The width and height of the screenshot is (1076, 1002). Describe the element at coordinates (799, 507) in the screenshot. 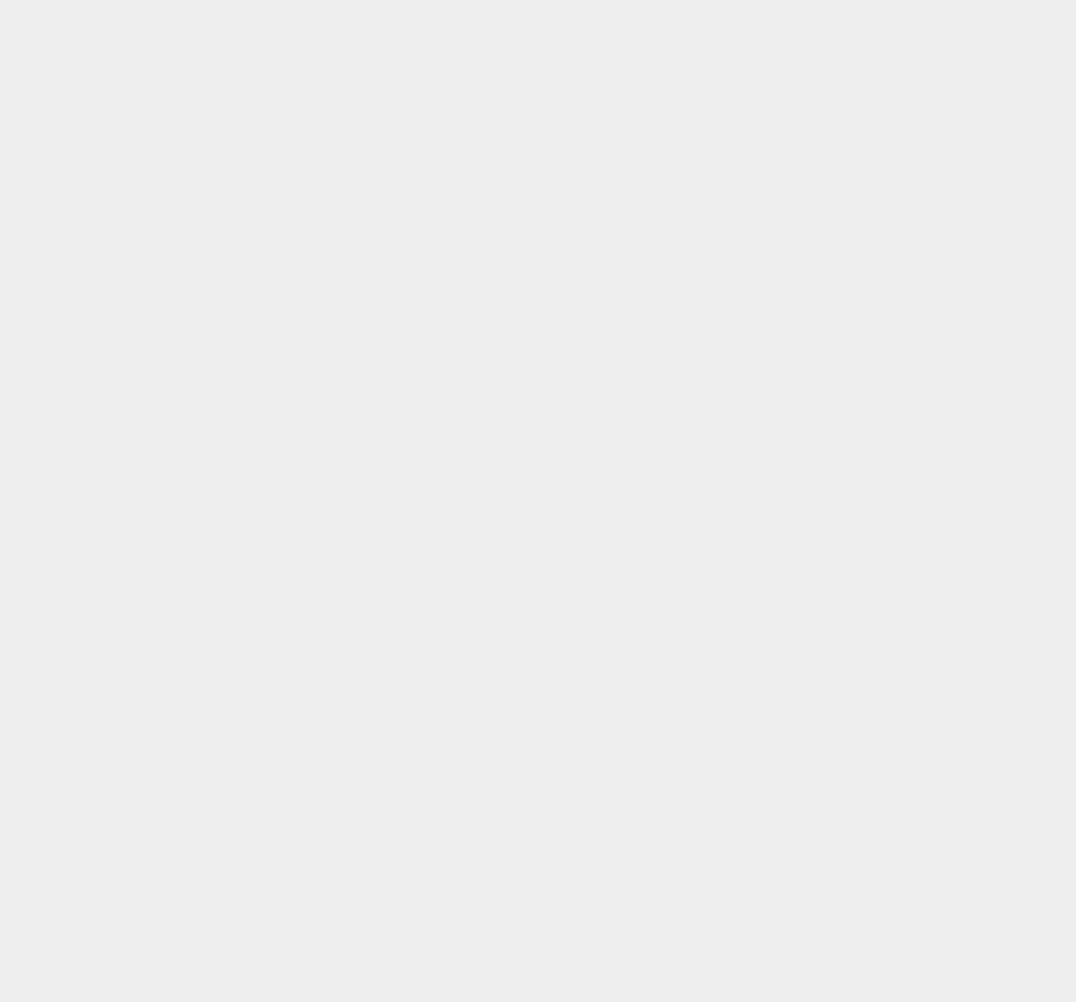

I see `'Windows Live'` at that location.